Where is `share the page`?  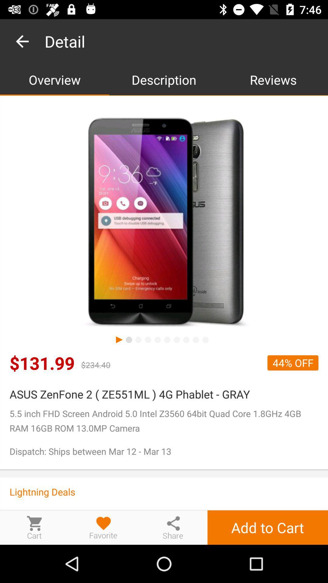 share the page is located at coordinates (173, 527).